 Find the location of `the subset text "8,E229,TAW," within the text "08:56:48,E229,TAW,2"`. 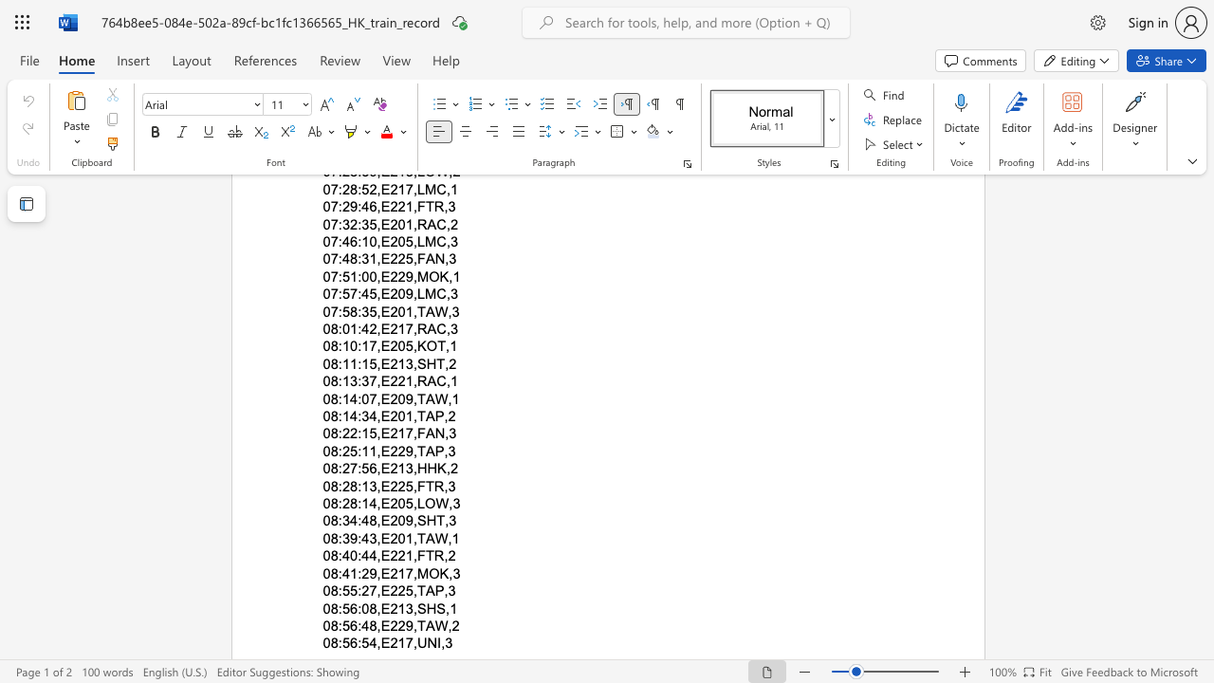

the subset text "8,E229,TAW," within the text "08:56:48,E229,TAW,2" is located at coordinates (369, 625).